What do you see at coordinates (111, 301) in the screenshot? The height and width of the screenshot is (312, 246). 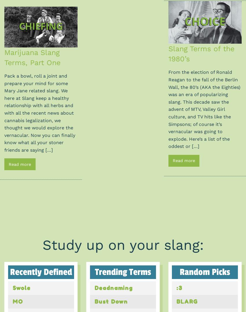 I see `'Bust Down'` at bounding box center [111, 301].